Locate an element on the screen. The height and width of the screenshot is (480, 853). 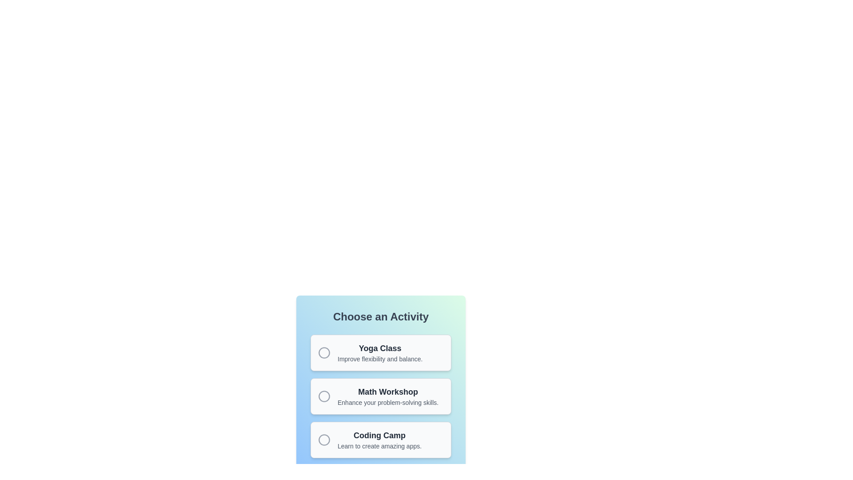
text from the label that states 'Enhance your problem-solving skills.' positioned below the 'Math Workshop' title is located at coordinates (388, 403).